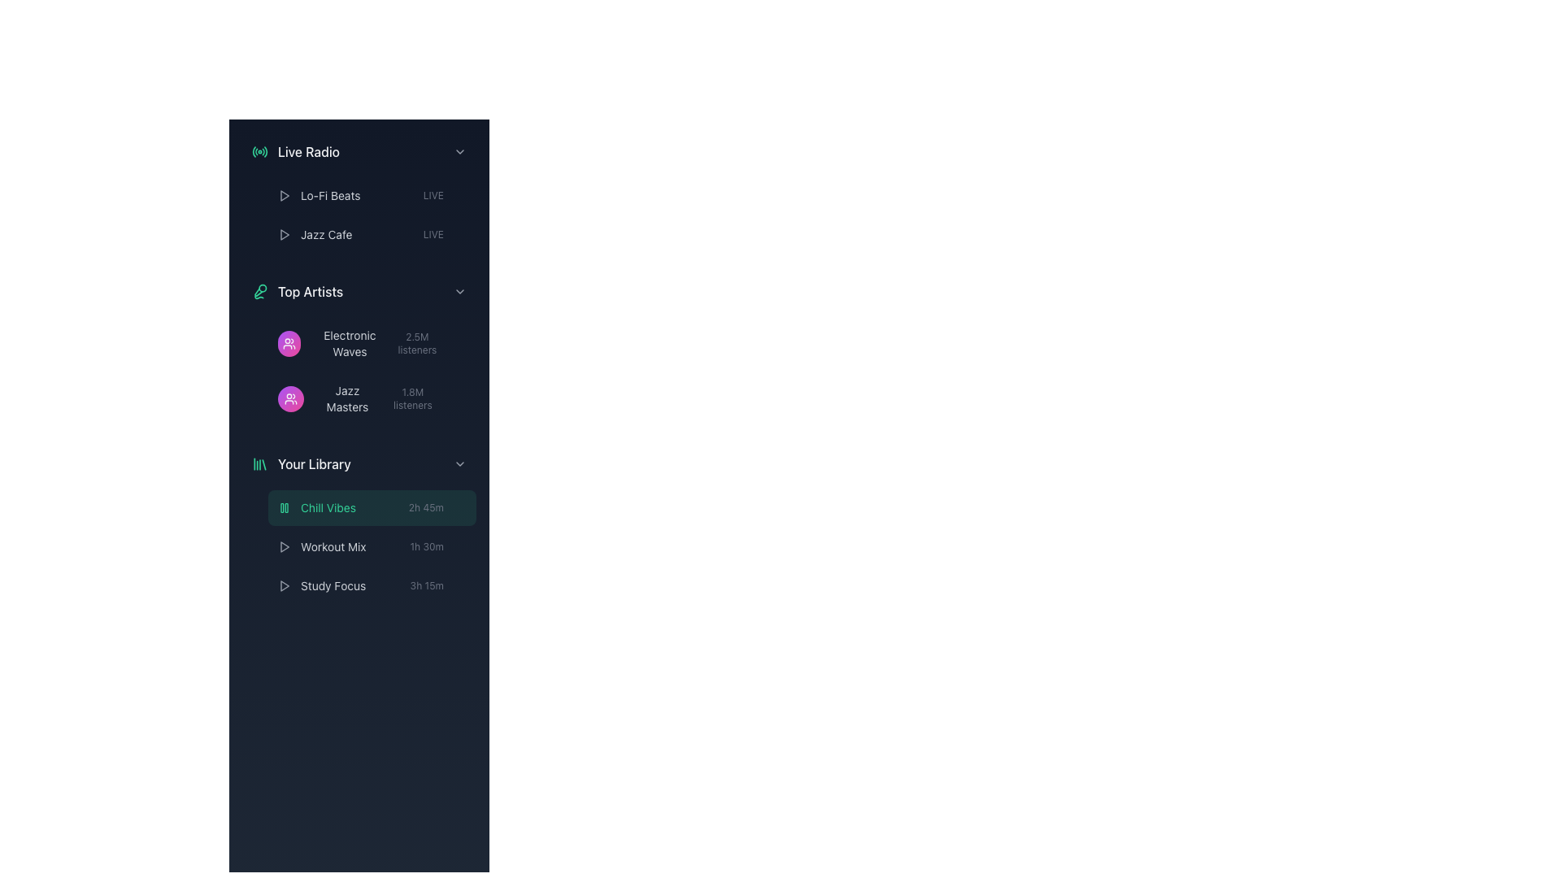 The image size is (1561, 878). What do you see at coordinates (285, 546) in the screenshot?
I see `the small play button represented by a triangular icon in the 'Your Library' section to play 'Workout Mix.'` at bounding box center [285, 546].